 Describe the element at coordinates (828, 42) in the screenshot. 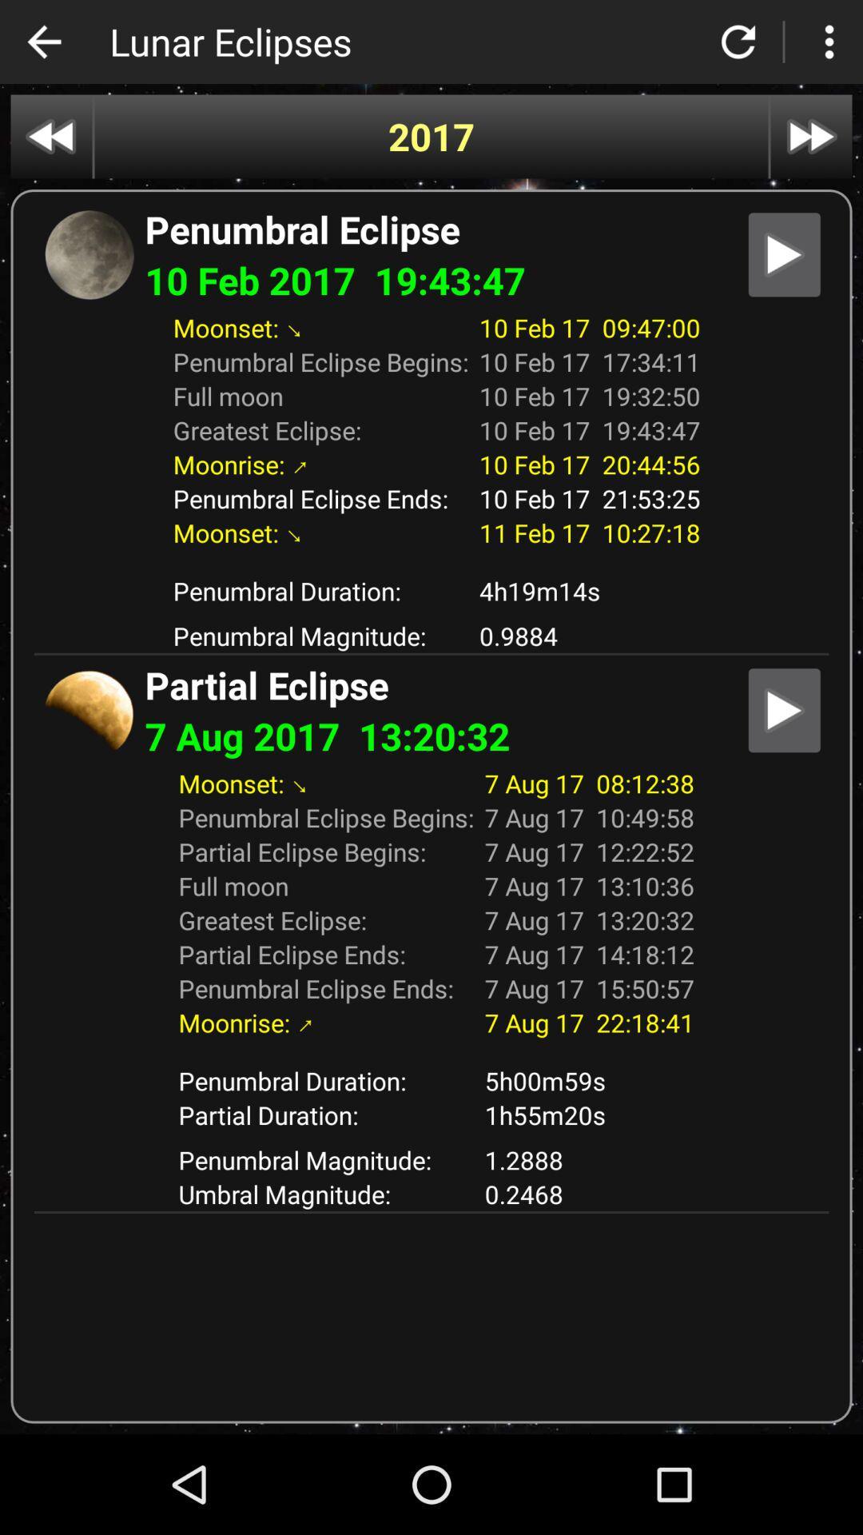

I see `the more icon` at that location.